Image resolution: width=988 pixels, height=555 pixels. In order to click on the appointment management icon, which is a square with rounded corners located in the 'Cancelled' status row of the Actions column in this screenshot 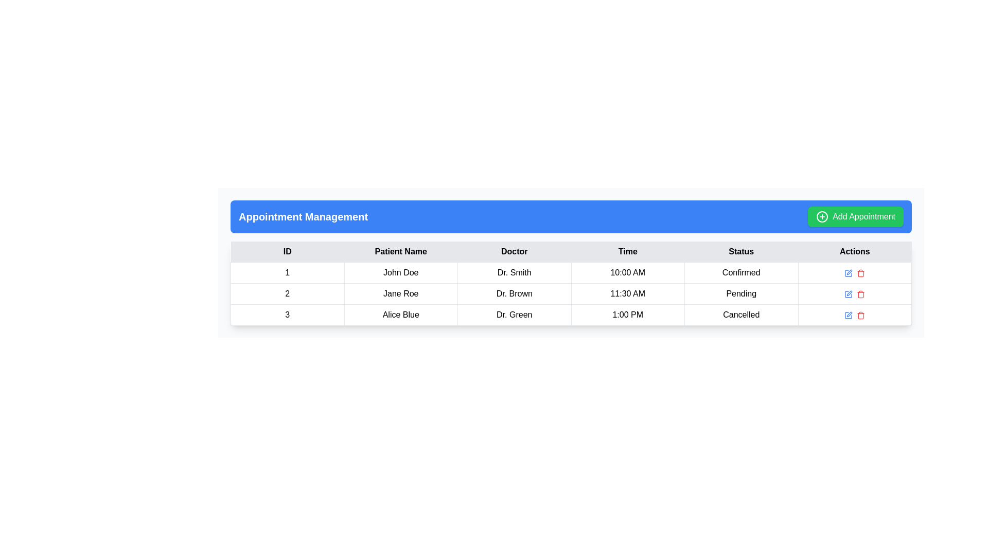, I will do `click(849, 314)`.